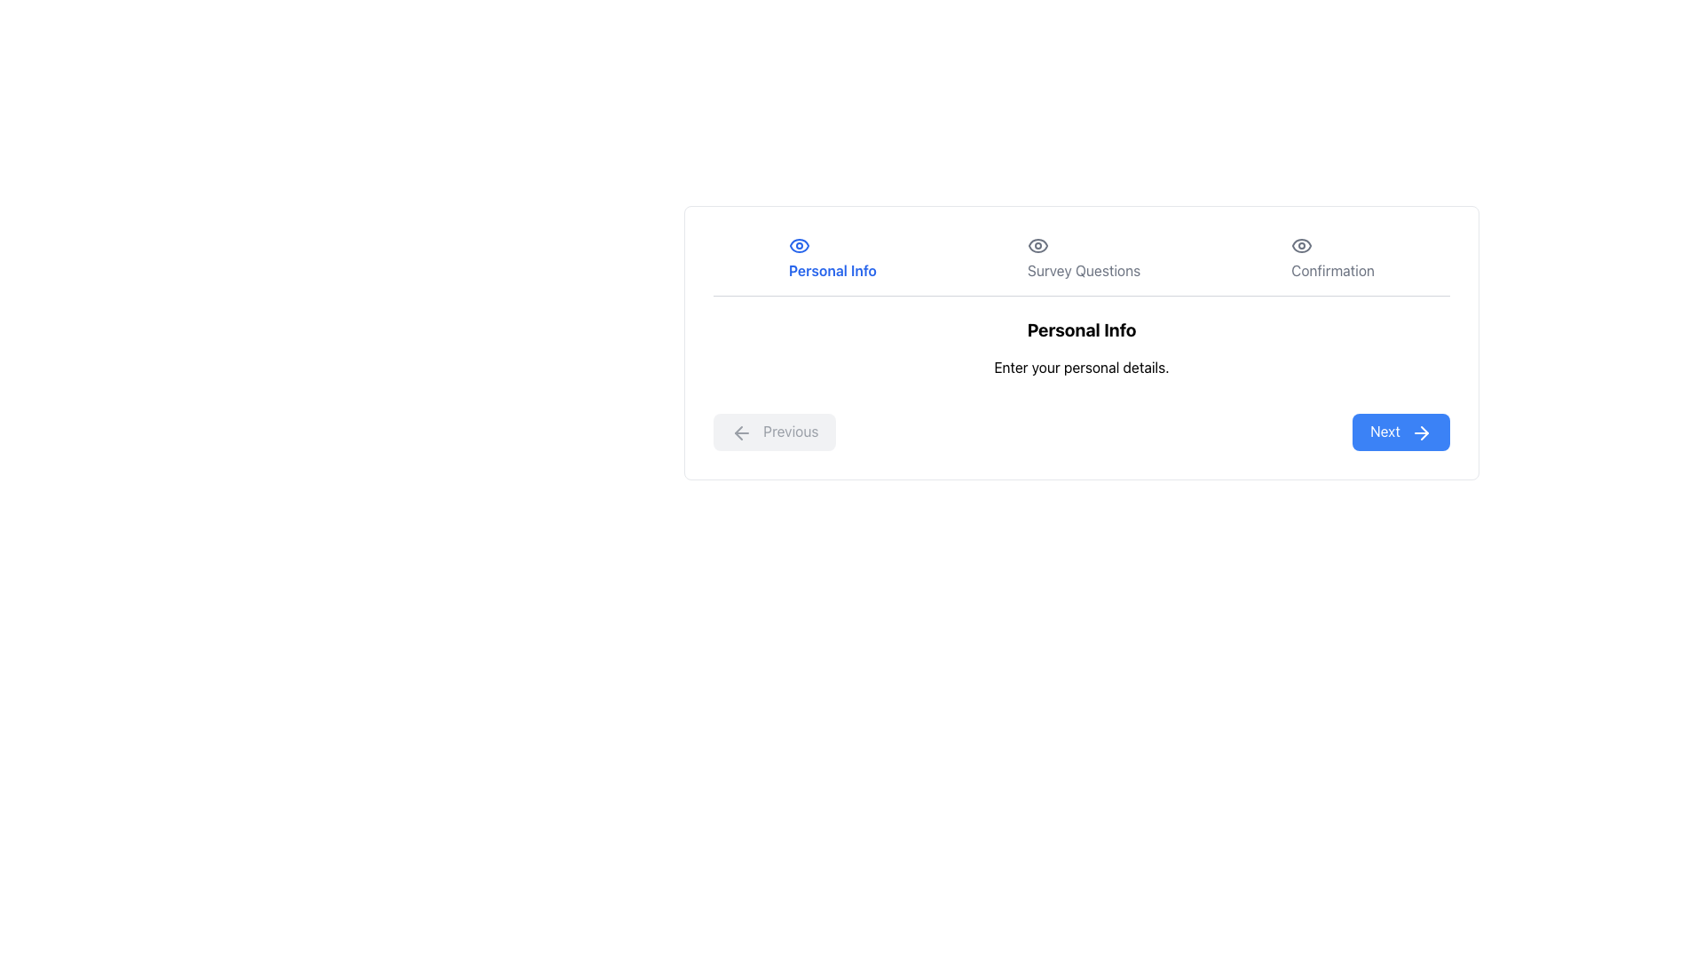 The height and width of the screenshot is (959, 1704). What do you see at coordinates (1081, 366) in the screenshot?
I see `the descriptive text label guiding users to fill in their personal information, located beneath the 'Personal Info' heading` at bounding box center [1081, 366].